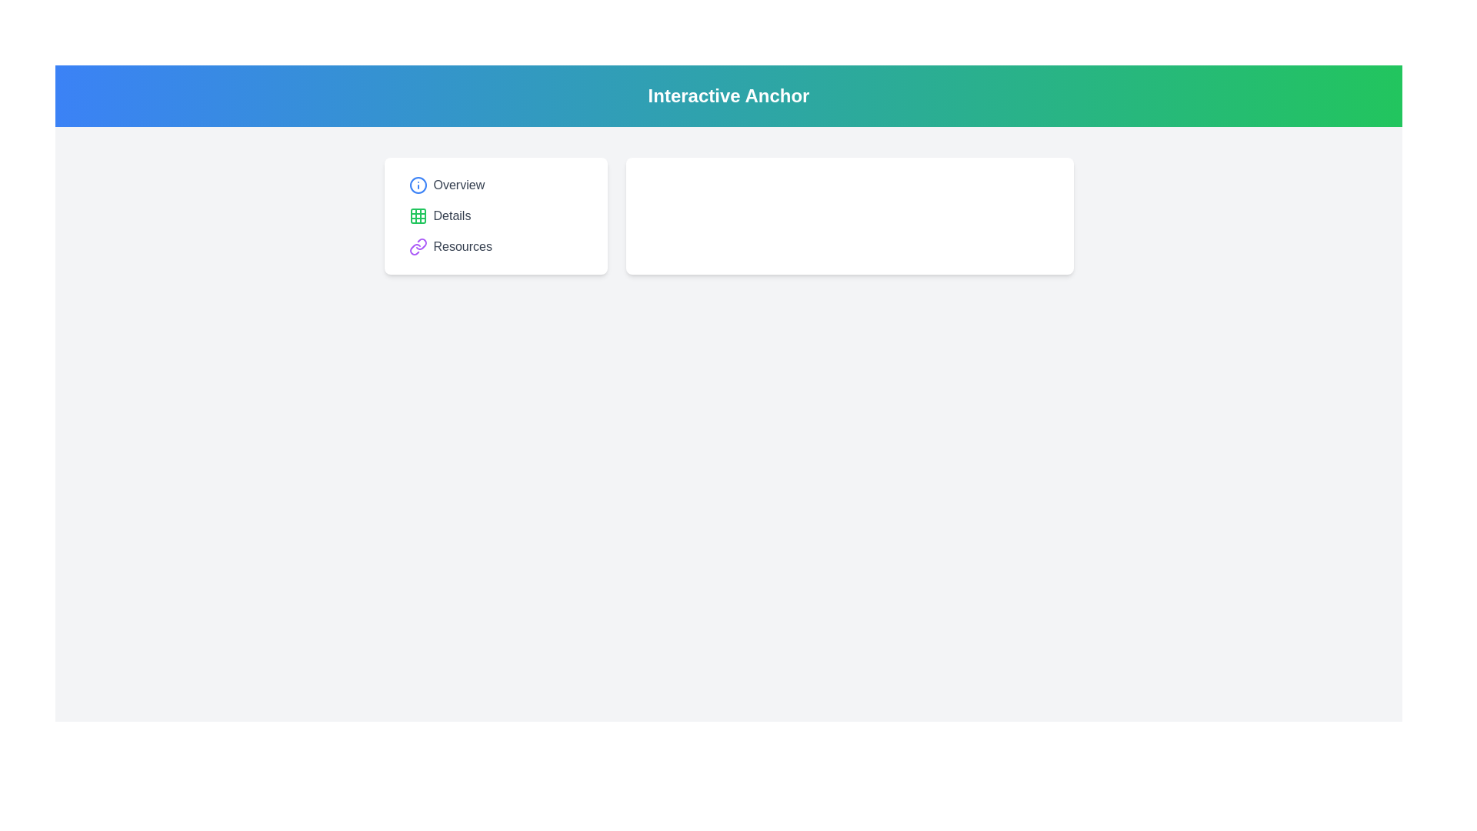  I want to click on the top-left grid square of the green-bordered square icon located next to the text 'Details' within the menu card, so click(418, 216).